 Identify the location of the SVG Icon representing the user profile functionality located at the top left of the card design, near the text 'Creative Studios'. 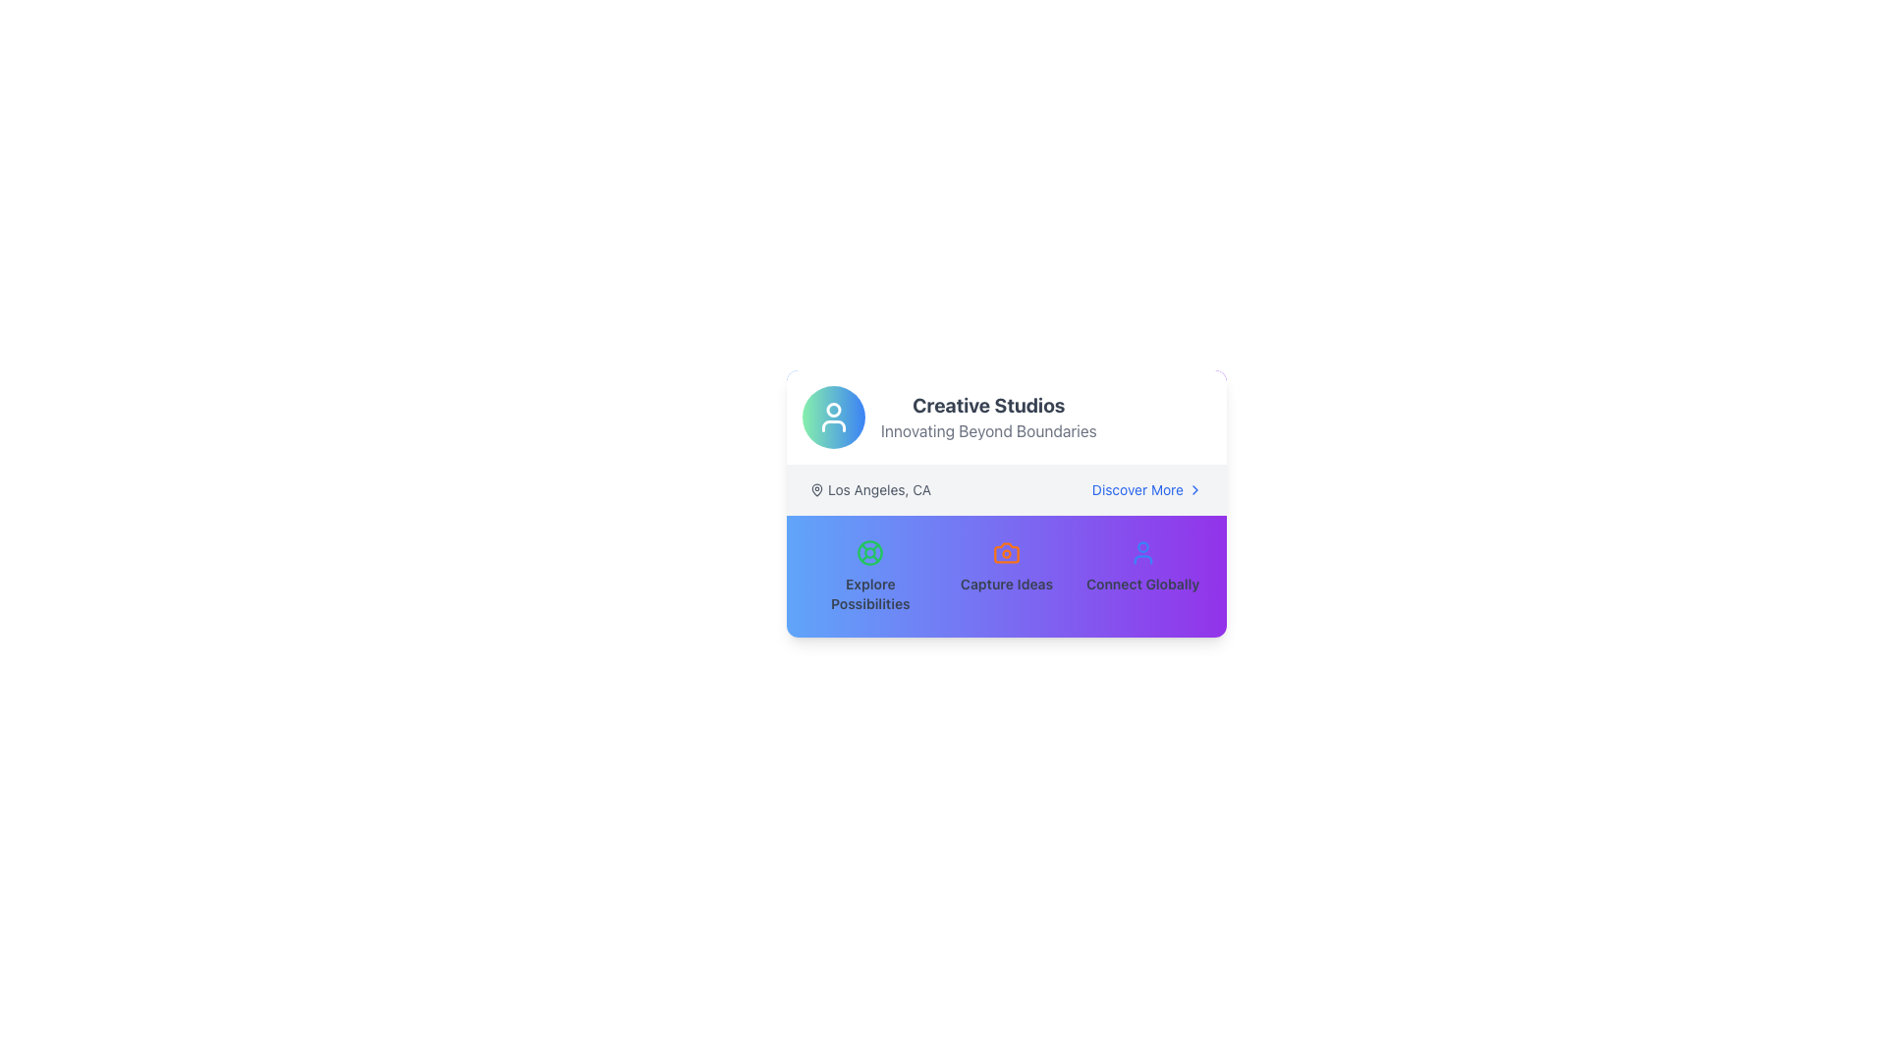
(834, 416).